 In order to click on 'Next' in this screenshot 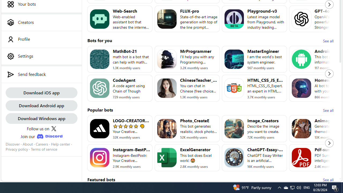, I will do `click(329, 143)`.